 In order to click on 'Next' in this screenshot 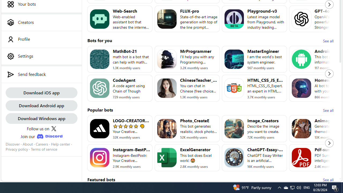, I will do `click(329, 143)`.